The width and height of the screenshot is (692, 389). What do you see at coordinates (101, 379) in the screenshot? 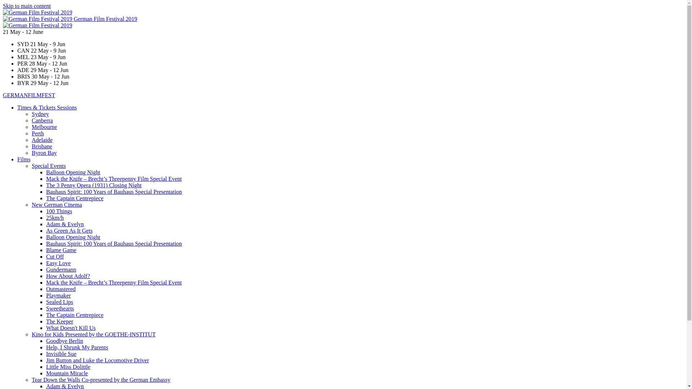
I see `'Tear Down the Walls Co-presented by the German Embassy'` at bounding box center [101, 379].